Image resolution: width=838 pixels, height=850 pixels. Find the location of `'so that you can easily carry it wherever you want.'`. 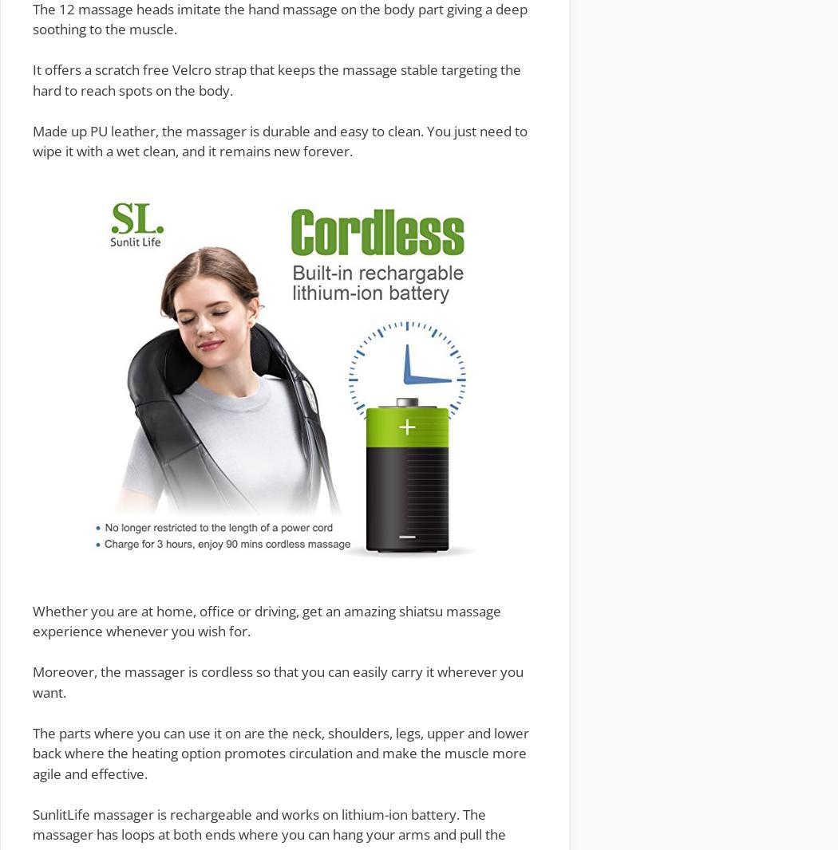

'so that you can easily carry it wherever you want.' is located at coordinates (277, 682).